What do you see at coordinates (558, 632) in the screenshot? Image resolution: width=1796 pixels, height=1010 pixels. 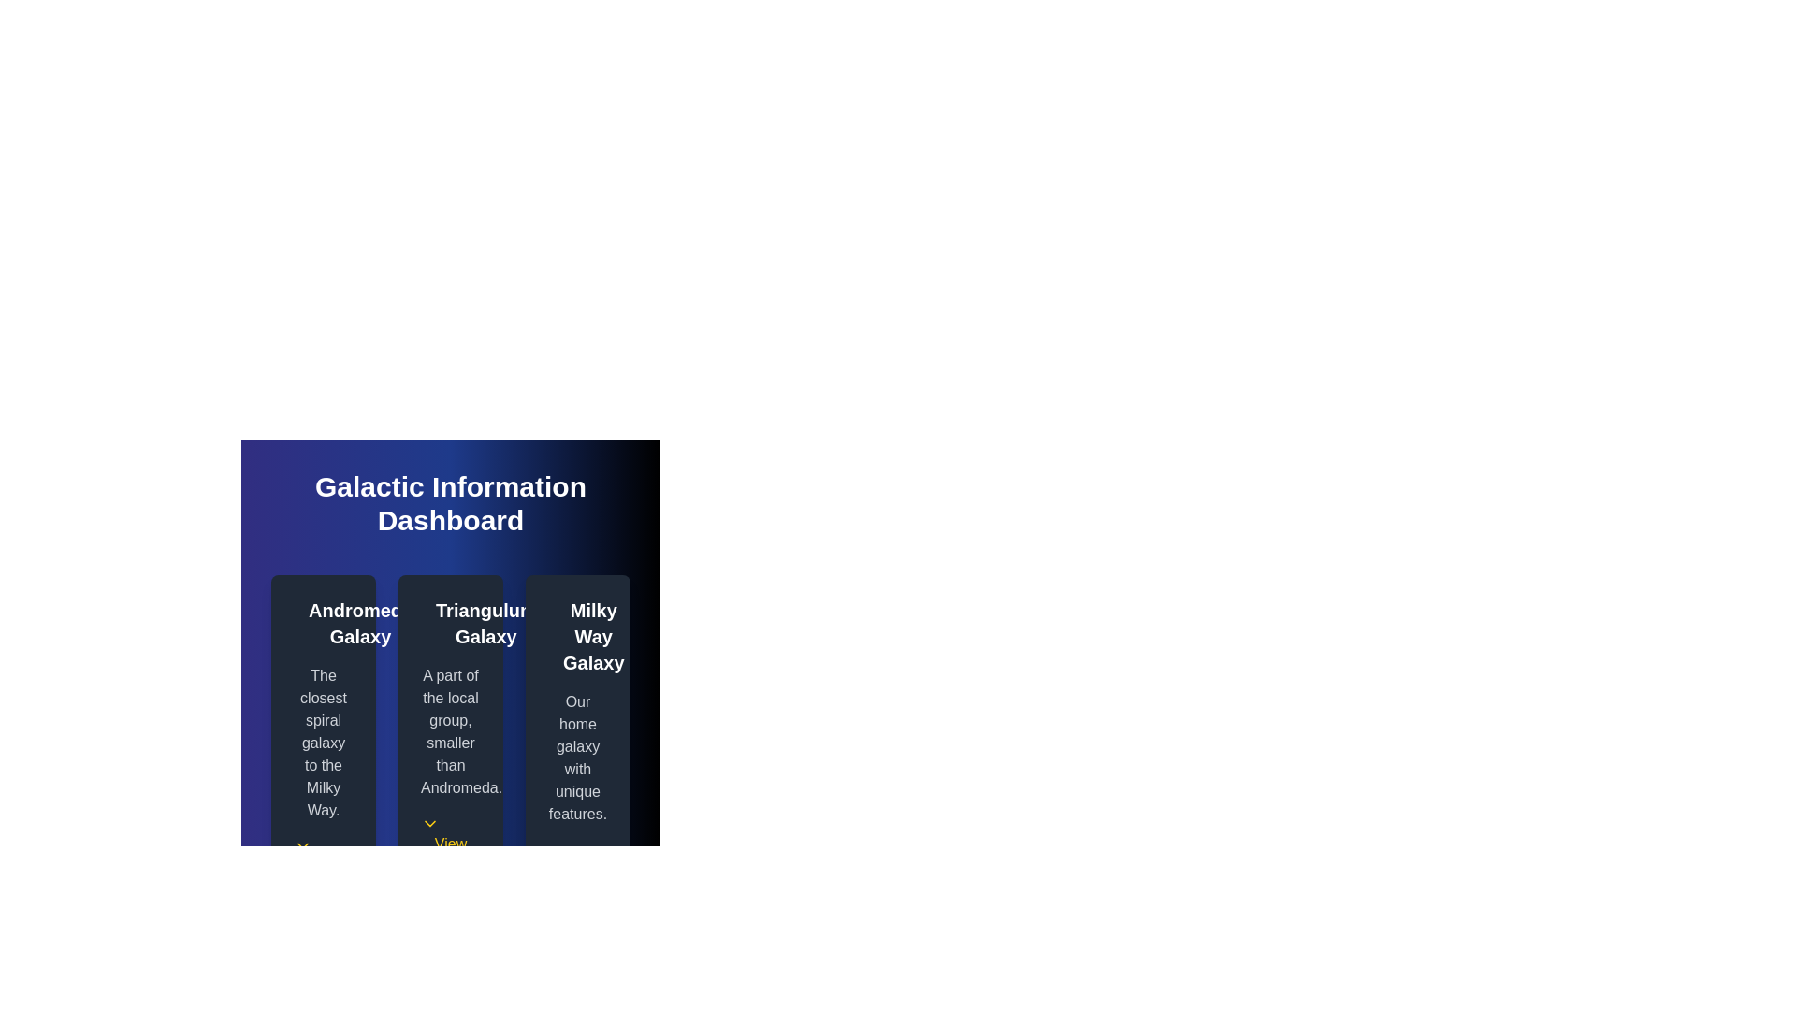 I see `the details of the Circle graphical shape within the 'Milky Way Galaxy' section of the SVG graphic` at bounding box center [558, 632].